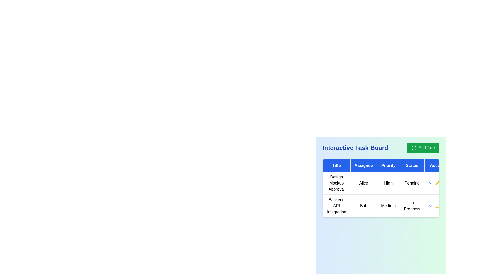 Image resolution: width=492 pixels, height=276 pixels. What do you see at coordinates (437, 183) in the screenshot?
I see `the yellow pencil icon located in the Action column of the data table` at bounding box center [437, 183].